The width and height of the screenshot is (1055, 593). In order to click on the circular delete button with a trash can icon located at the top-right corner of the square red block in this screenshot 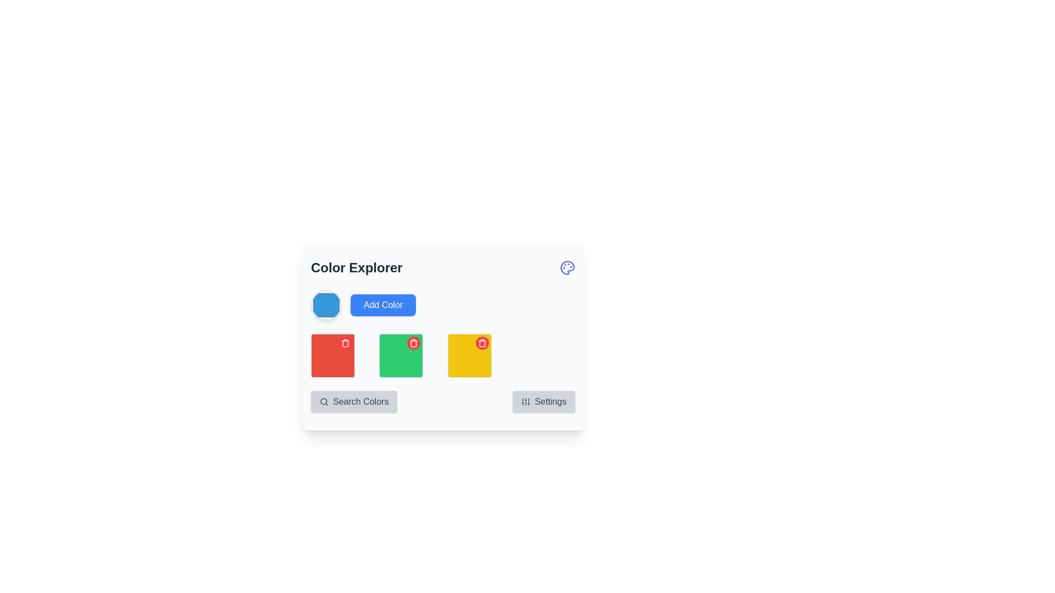, I will do `click(345, 342)`.